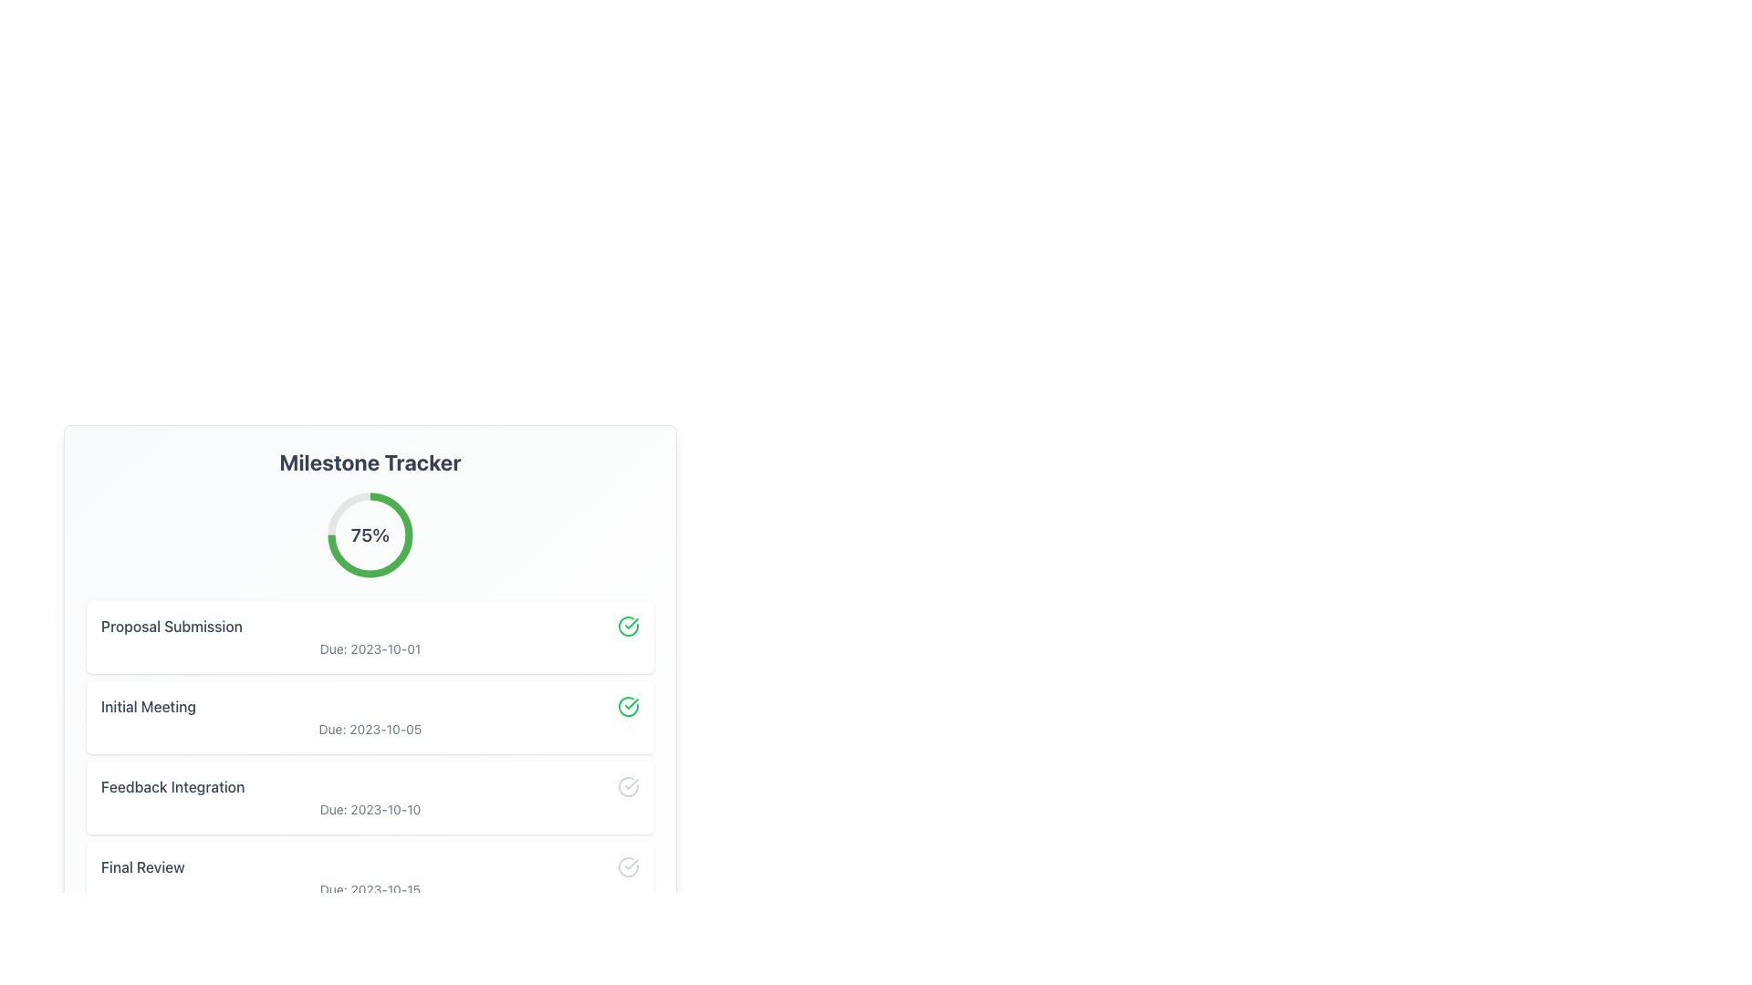  I want to click on the content block displaying 'Initial Meeting' with a due date of 'Due: 2023-10-05' and a green check icon, located in the 'Milestone Tracker' section, so click(370, 716).